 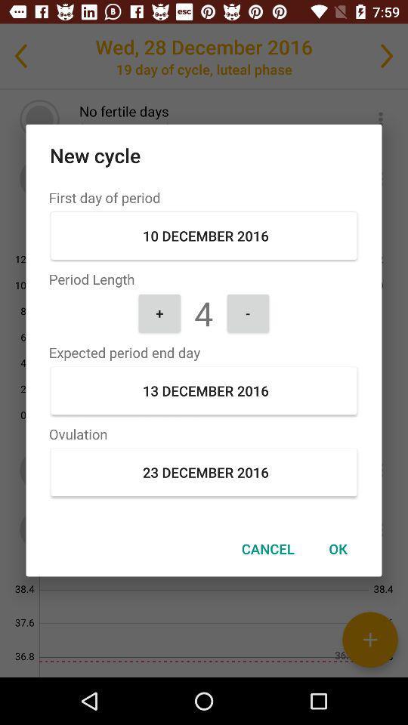 What do you see at coordinates (159, 312) in the screenshot?
I see `the item below the period length icon` at bounding box center [159, 312].